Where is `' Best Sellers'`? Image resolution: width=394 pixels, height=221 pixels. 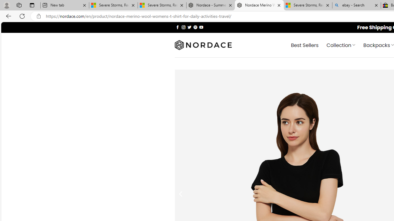
' Best Sellers' is located at coordinates (305, 45).